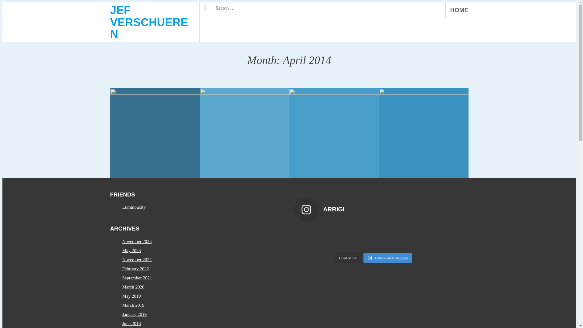 The width and height of the screenshot is (583, 328). Describe the element at coordinates (131, 251) in the screenshot. I see `'May 2023'` at that location.